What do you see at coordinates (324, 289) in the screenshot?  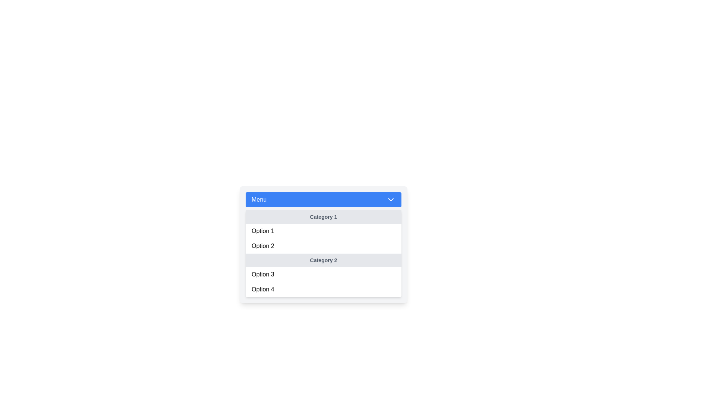 I see `the menu item labeled 'Option 4' under the 'Category 2' section` at bounding box center [324, 289].